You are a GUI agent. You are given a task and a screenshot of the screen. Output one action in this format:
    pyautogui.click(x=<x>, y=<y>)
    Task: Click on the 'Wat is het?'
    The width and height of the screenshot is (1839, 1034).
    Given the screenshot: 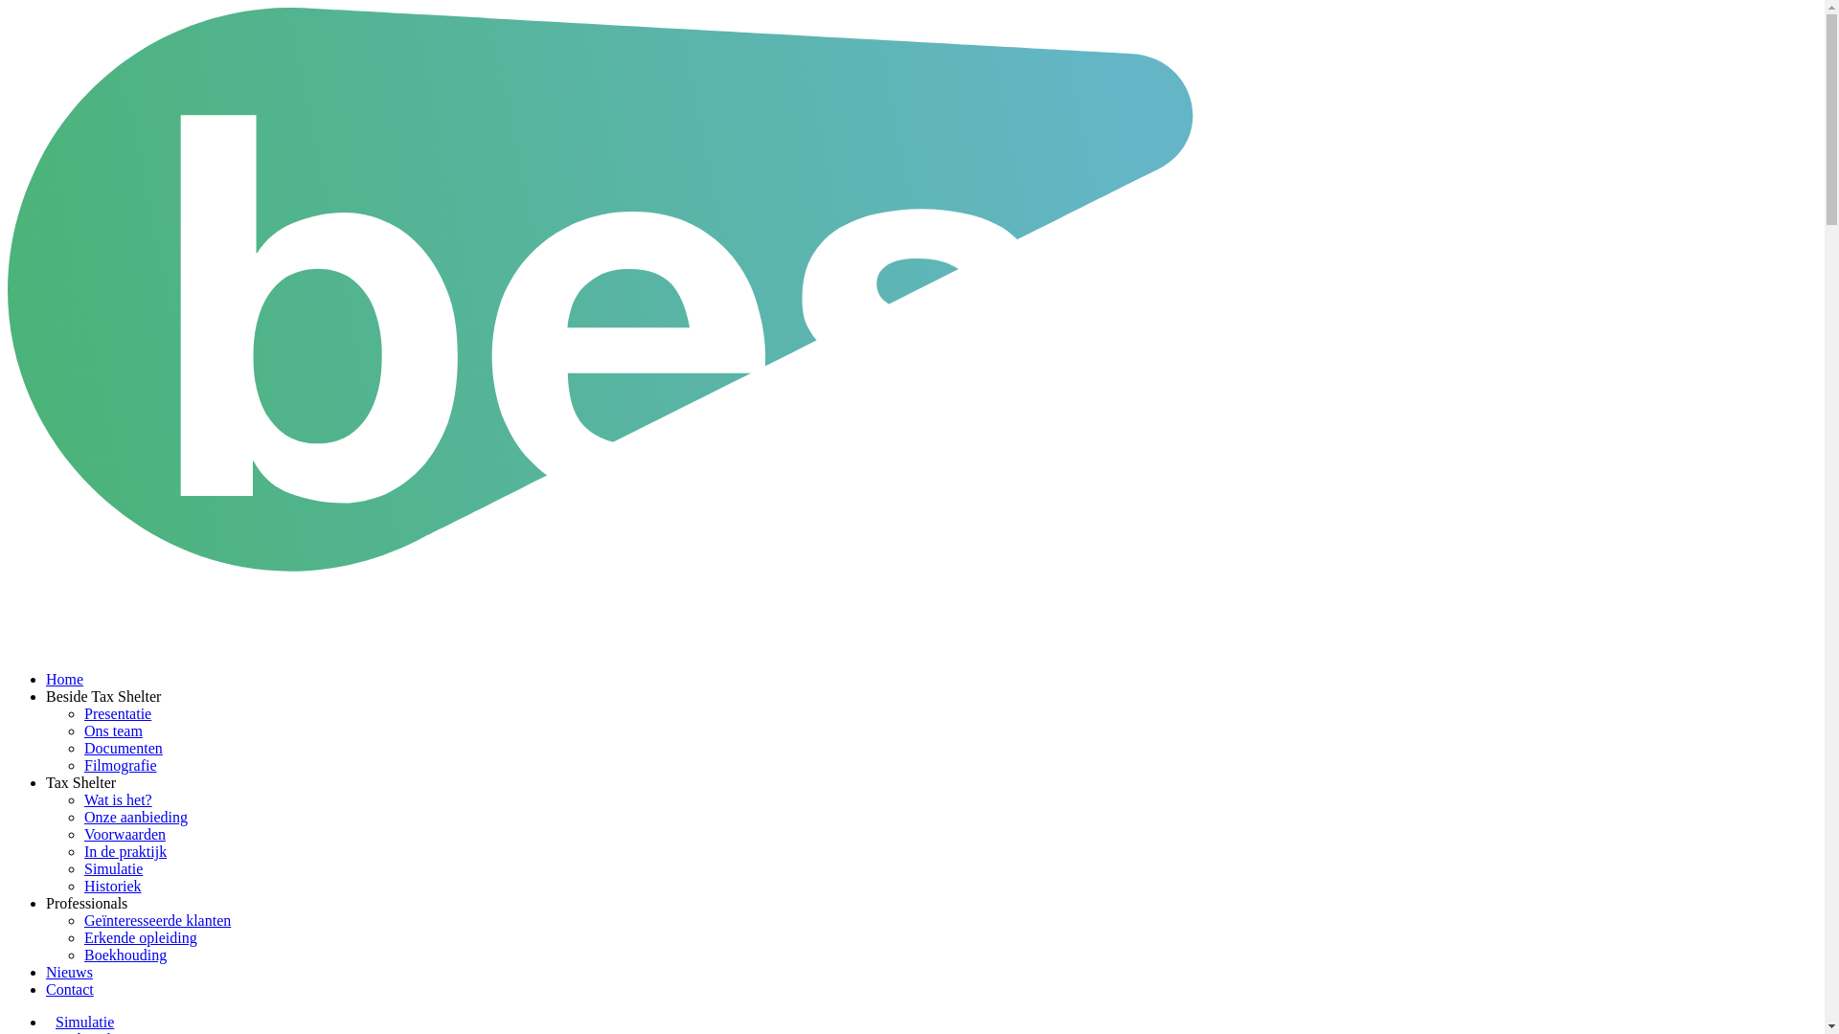 What is the action you would take?
    pyautogui.click(x=82, y=799)
    